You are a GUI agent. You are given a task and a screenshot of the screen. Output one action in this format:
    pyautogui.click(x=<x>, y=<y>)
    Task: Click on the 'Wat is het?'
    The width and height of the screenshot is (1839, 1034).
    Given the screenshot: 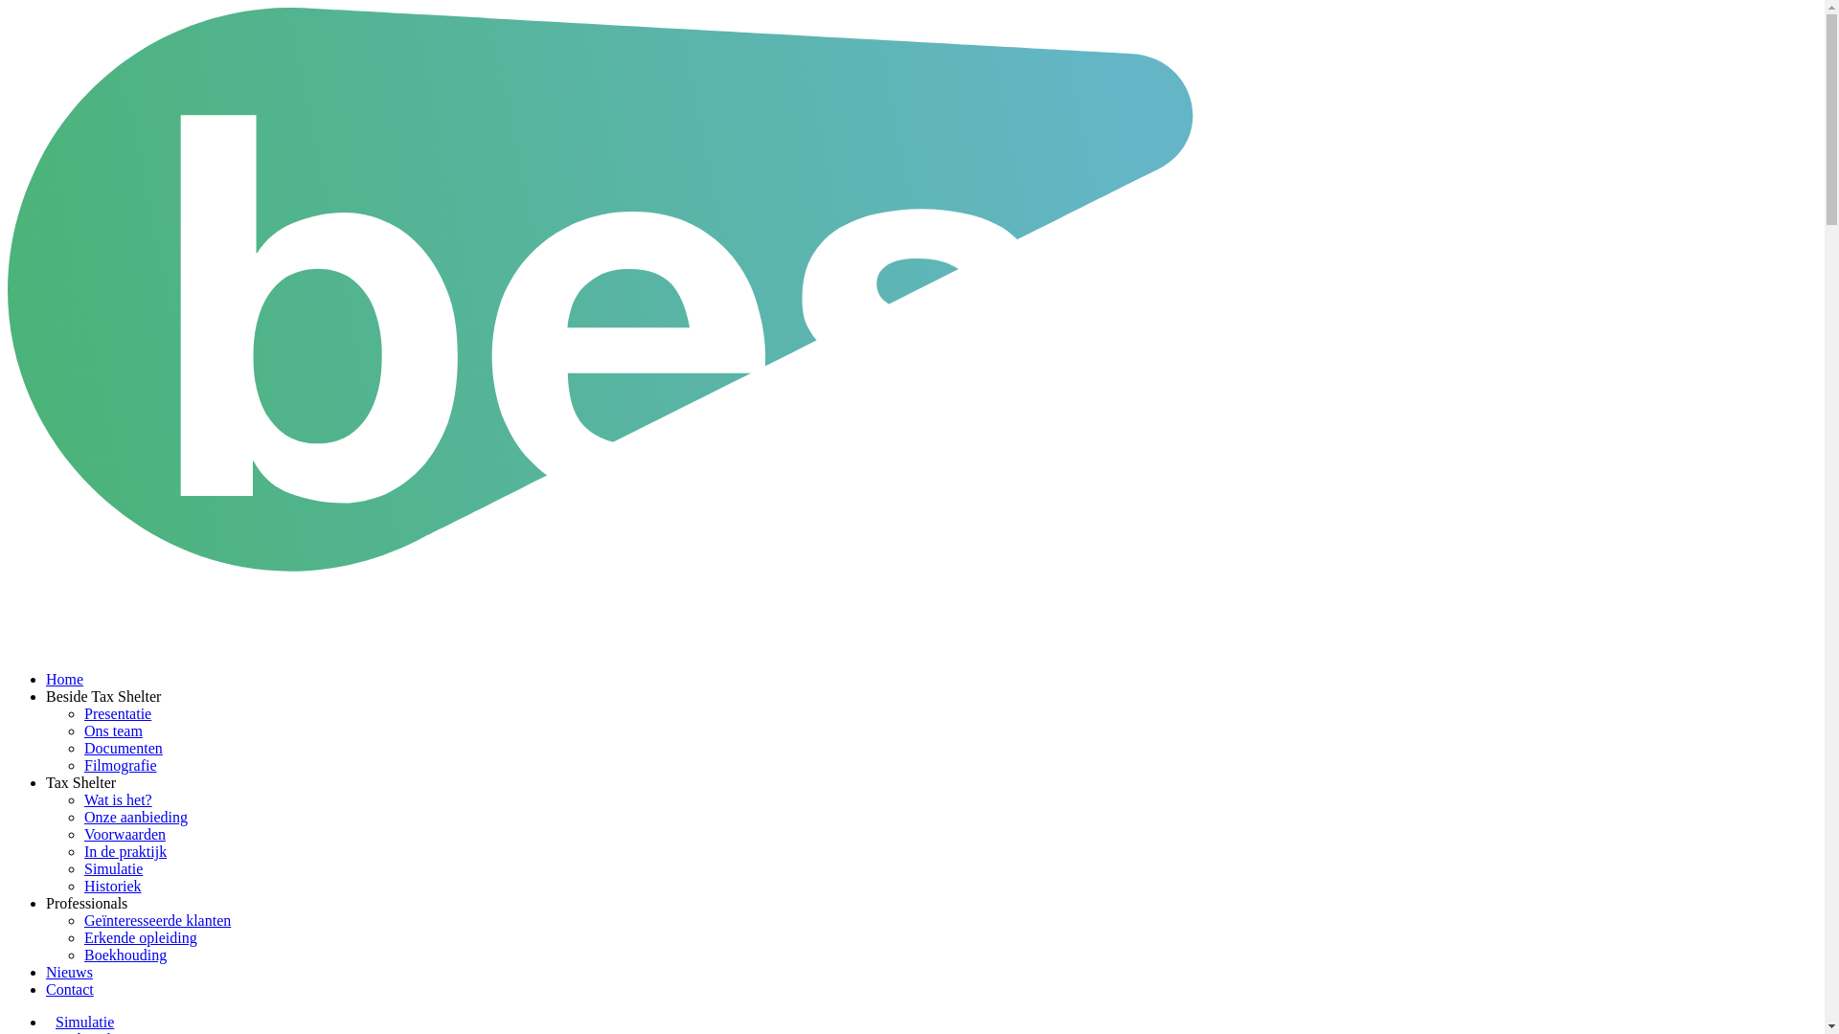 What is the action you would take?
    pyautogui.click(x=82, y=799)
    